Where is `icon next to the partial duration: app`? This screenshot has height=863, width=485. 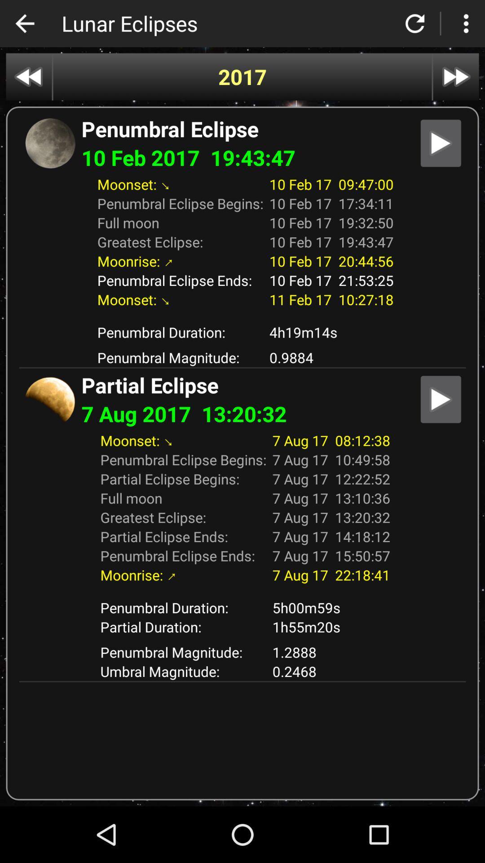
icon next to the partial duration: app is located at coordinates (331, 652).